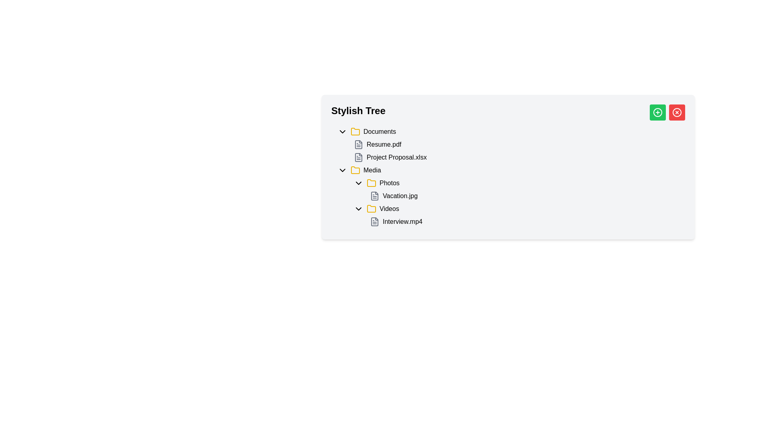  I want to click on the button located in the first row under the 'Stylish Tree' heading next to the 'Documents' label, so click(342, 131).